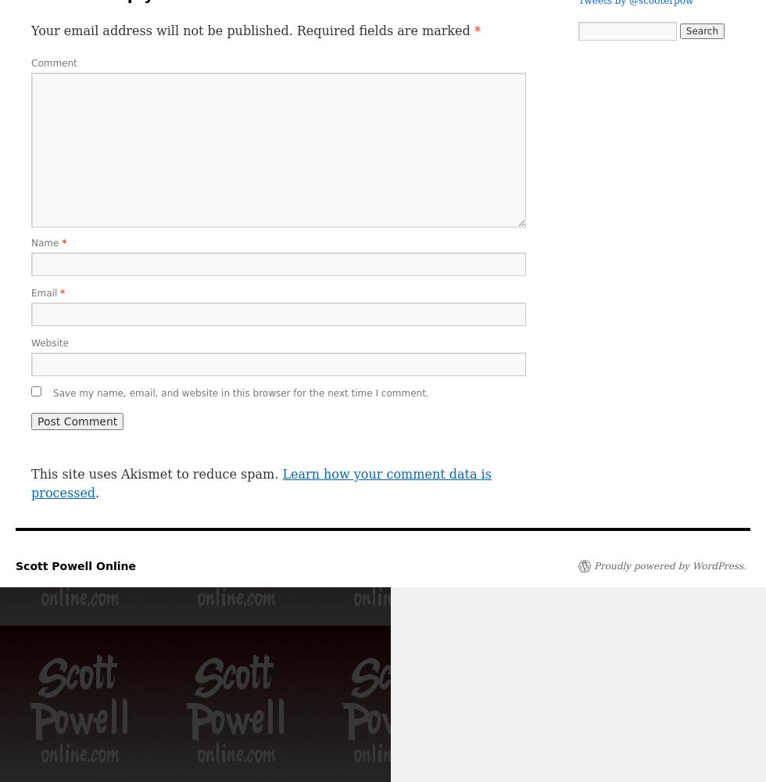  Describe the element at coordinates (156, 473) in the screenshot. I see `'This site uses Akismet to reduce spam.'` at that location.